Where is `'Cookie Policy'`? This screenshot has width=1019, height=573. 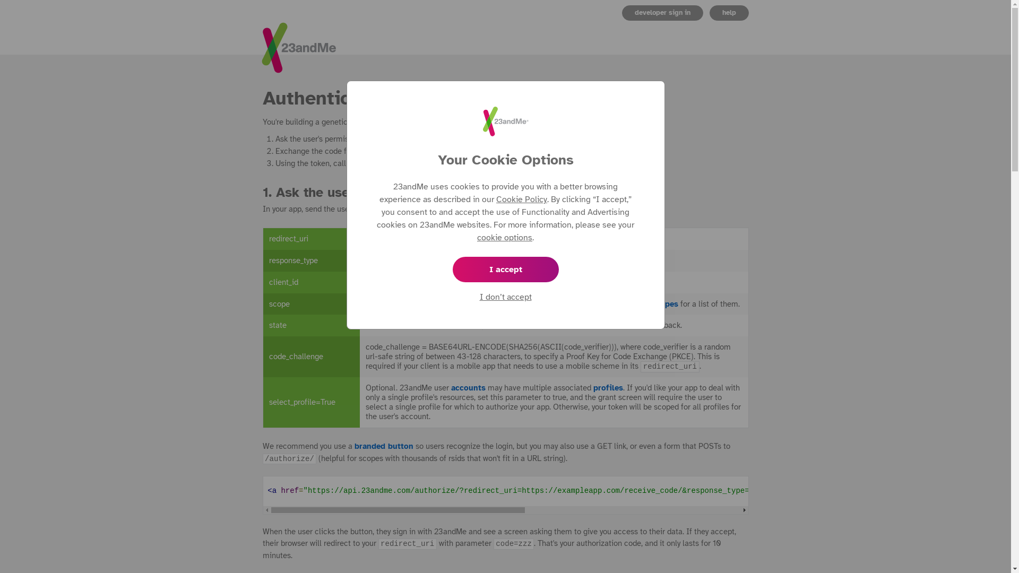
'Cookie Policy' is located at coordinates (522, 199).